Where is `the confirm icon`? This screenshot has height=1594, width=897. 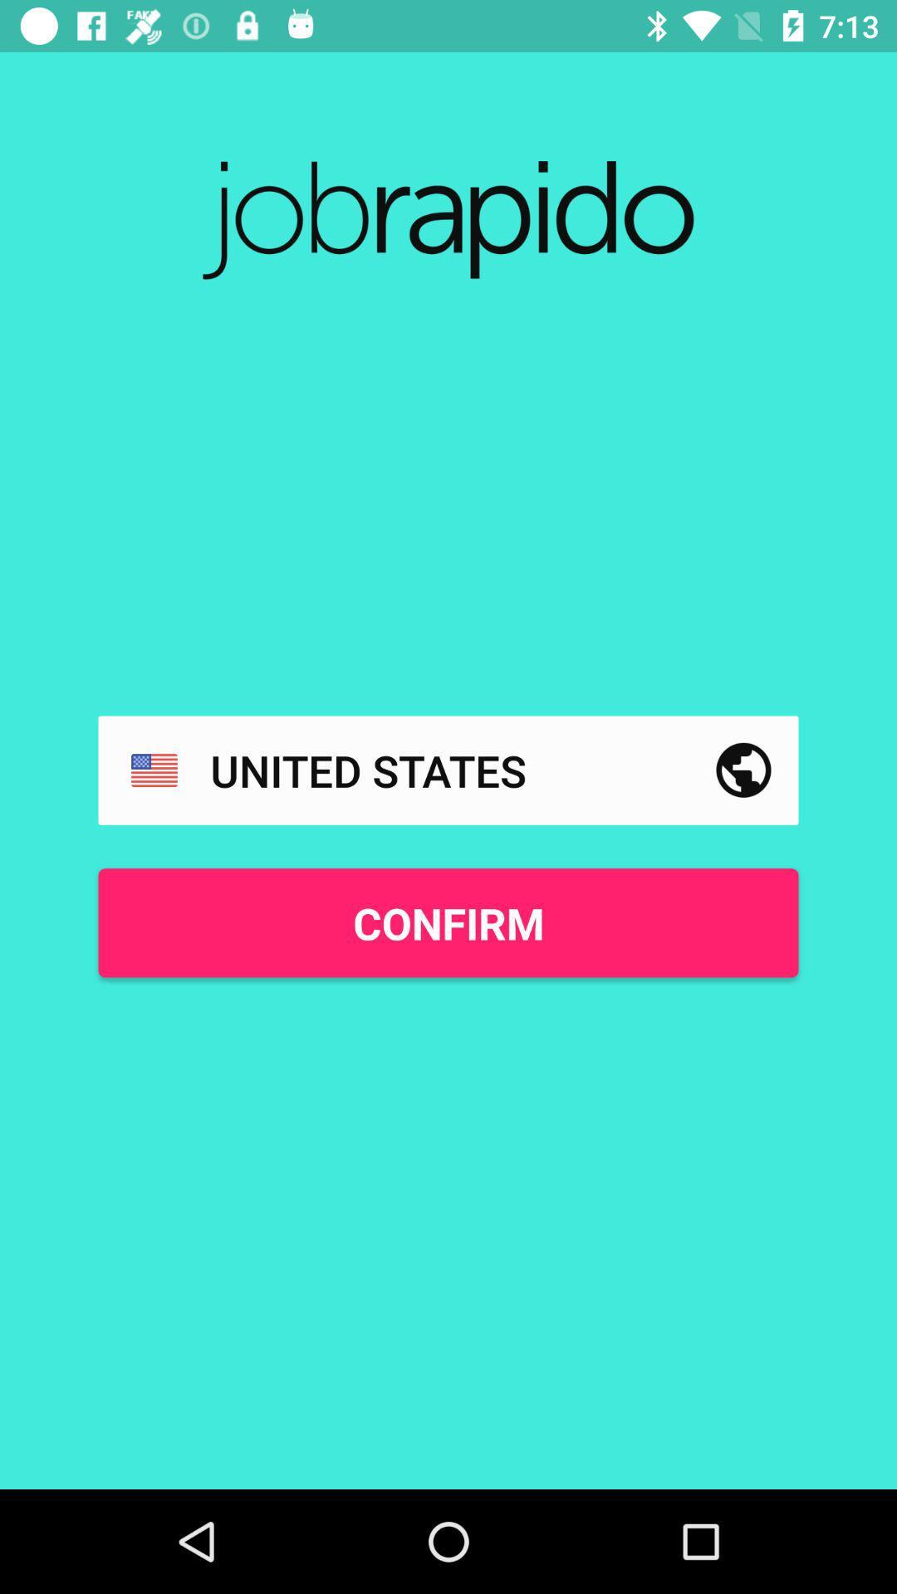
the confirm icon is located at coordinates (448, 922).